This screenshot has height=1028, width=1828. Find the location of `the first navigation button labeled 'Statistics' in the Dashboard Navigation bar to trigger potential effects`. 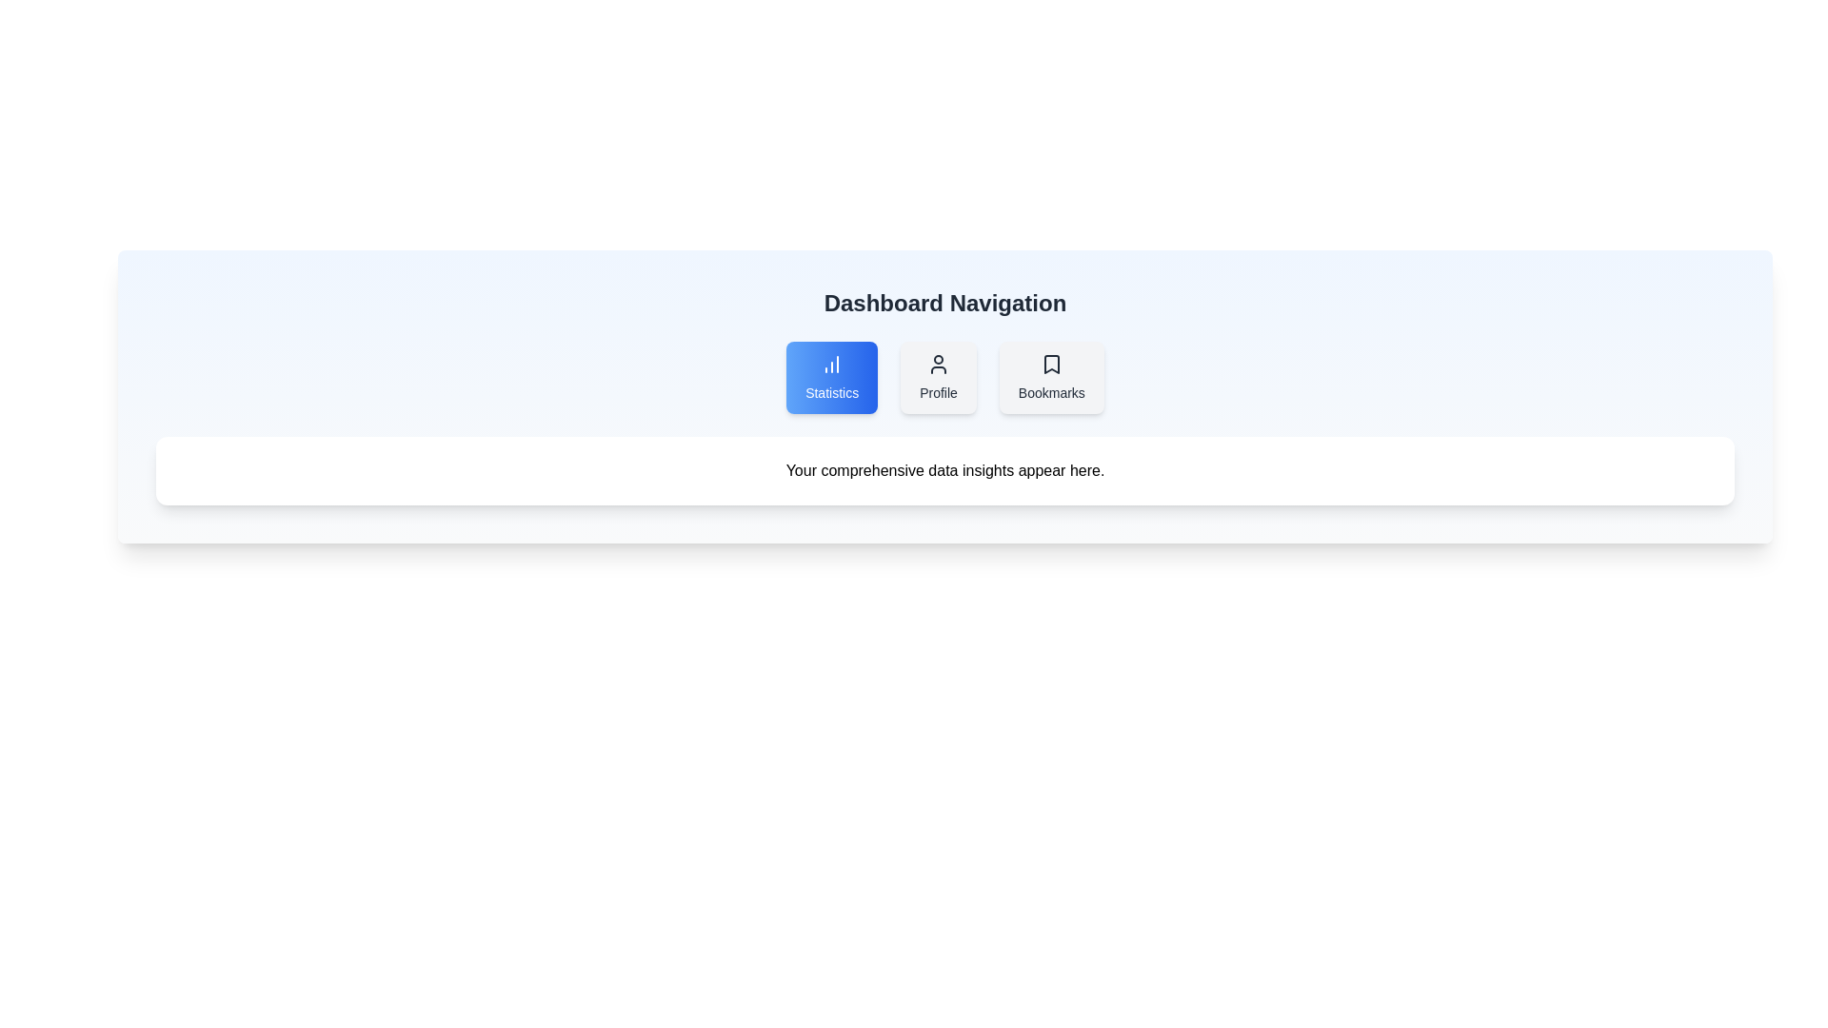

the first navigation button labeled 'Statistics' in the Dashboard Navigation bar to trigger potential effects is located at coordinates (832, 378).